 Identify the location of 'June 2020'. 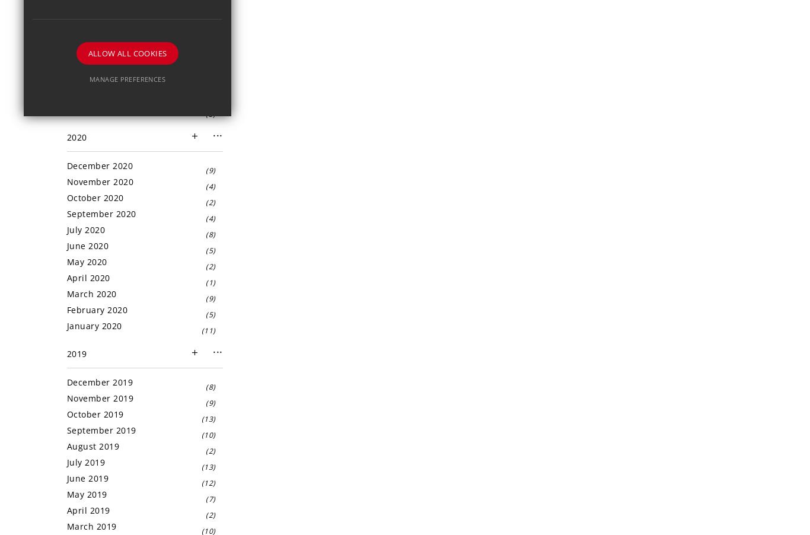
(66, 246).